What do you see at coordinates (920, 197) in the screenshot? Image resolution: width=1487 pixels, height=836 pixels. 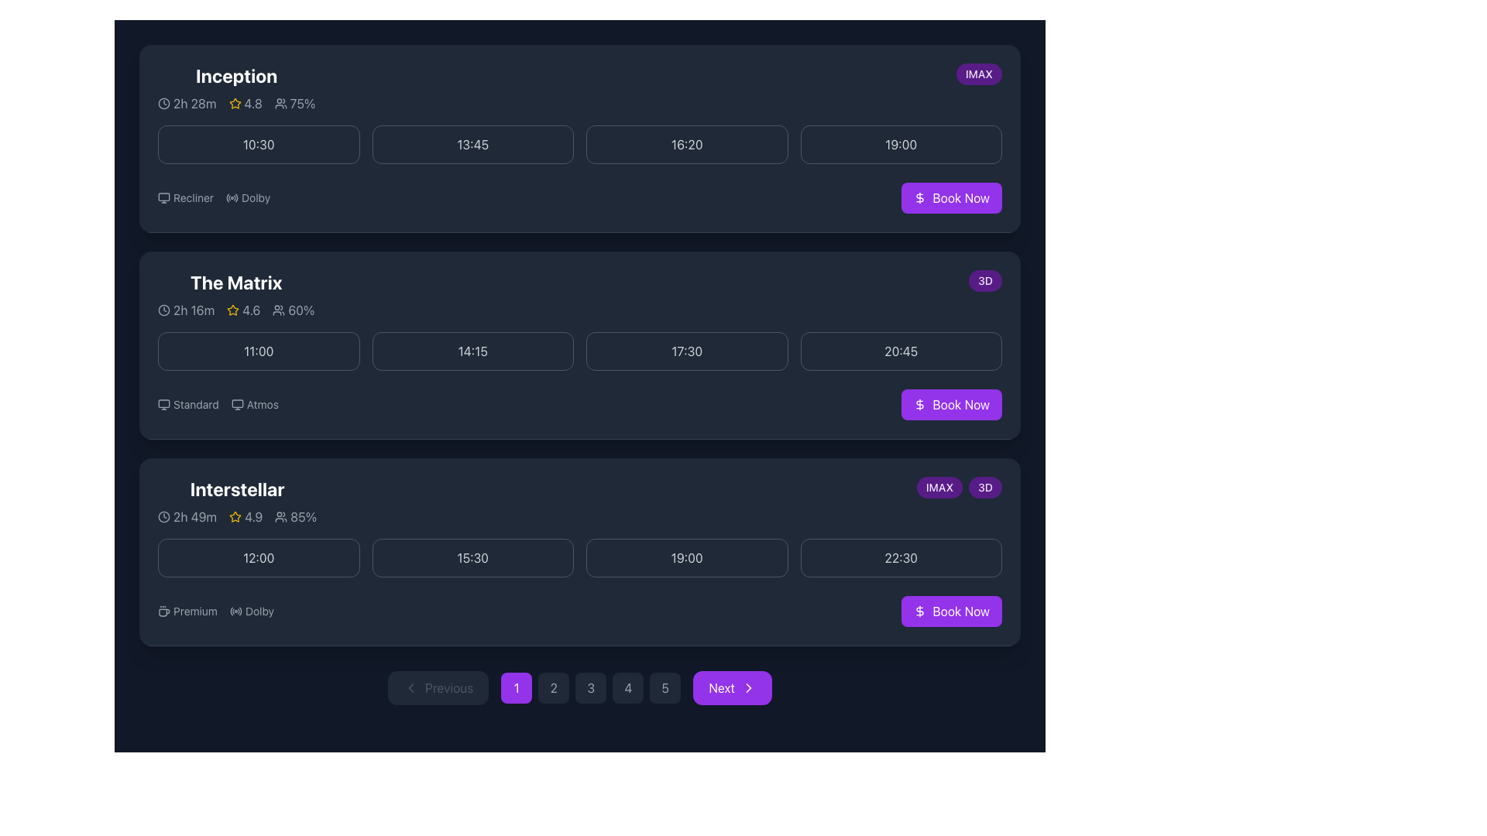 I see `the 'Book Now' button, which contains a financial SVG icon` at bounding box center [920, 197].